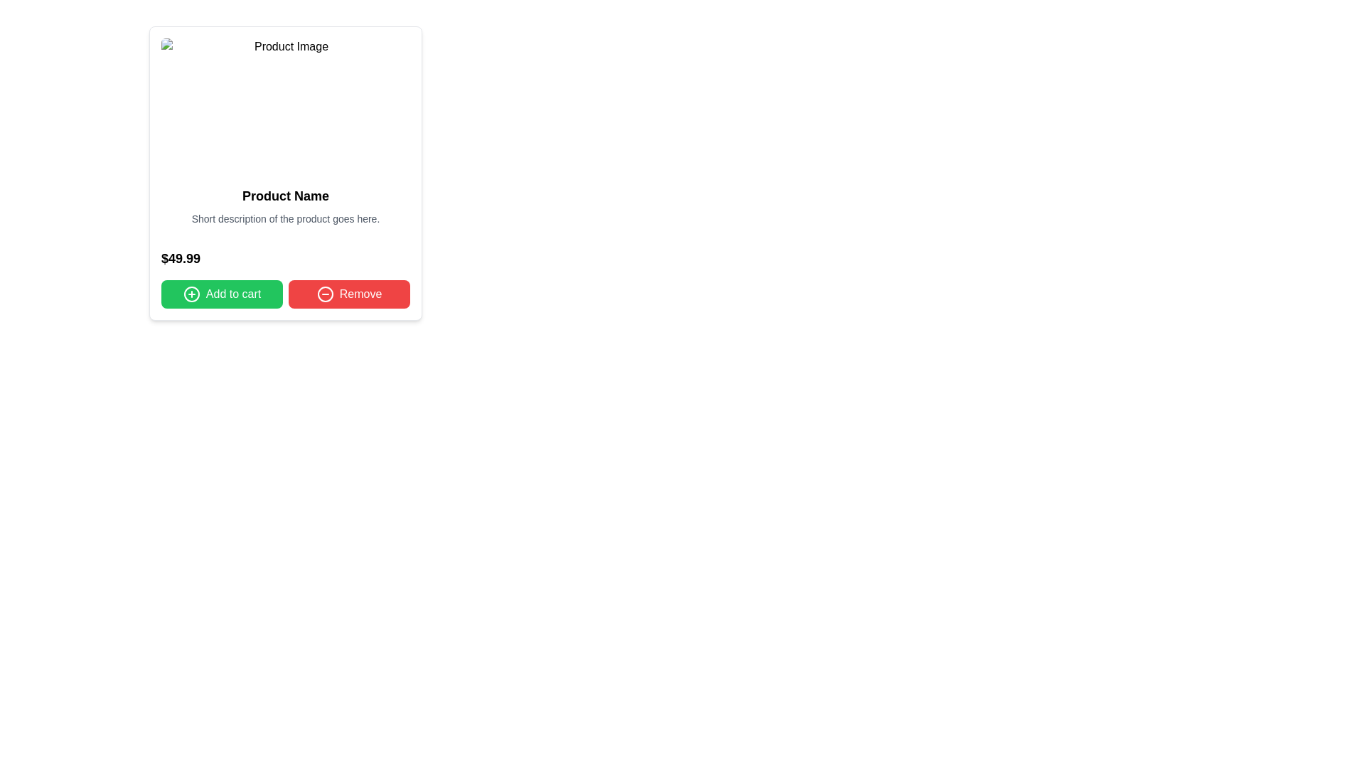 The image size is (1365, 768). I want to click on the 'remove' action icon located within the red 'Remove' button, positioned to the left of the label 'Remove' on the right side of the bottom section of the card interface, so click(324, 293).